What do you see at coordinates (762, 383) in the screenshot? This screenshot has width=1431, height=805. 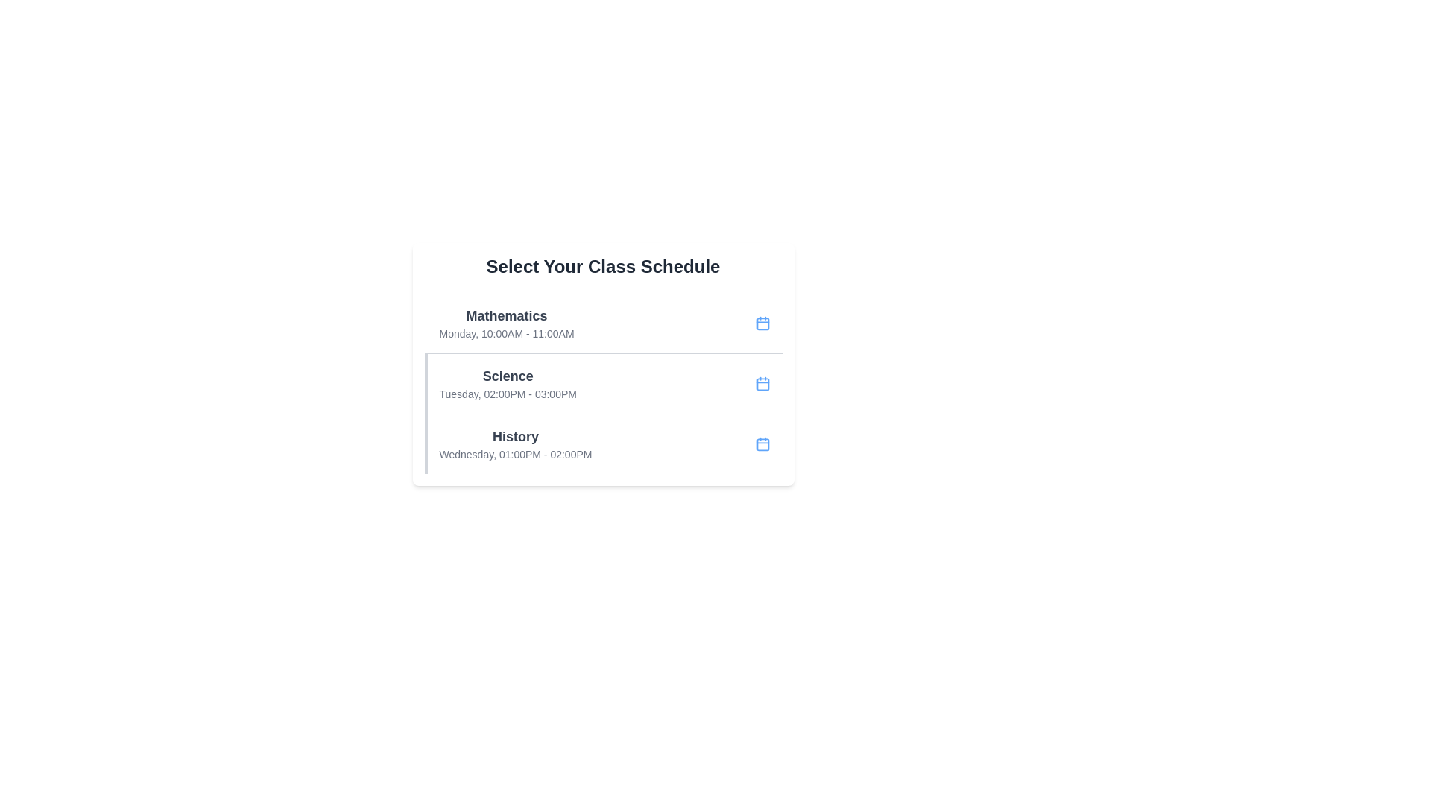 I see `the Calendar icon located to the far right of the schedule item 'Science Tuesday, 02:00 PM - 03:00 PM'` at bounding box center [762, 383].